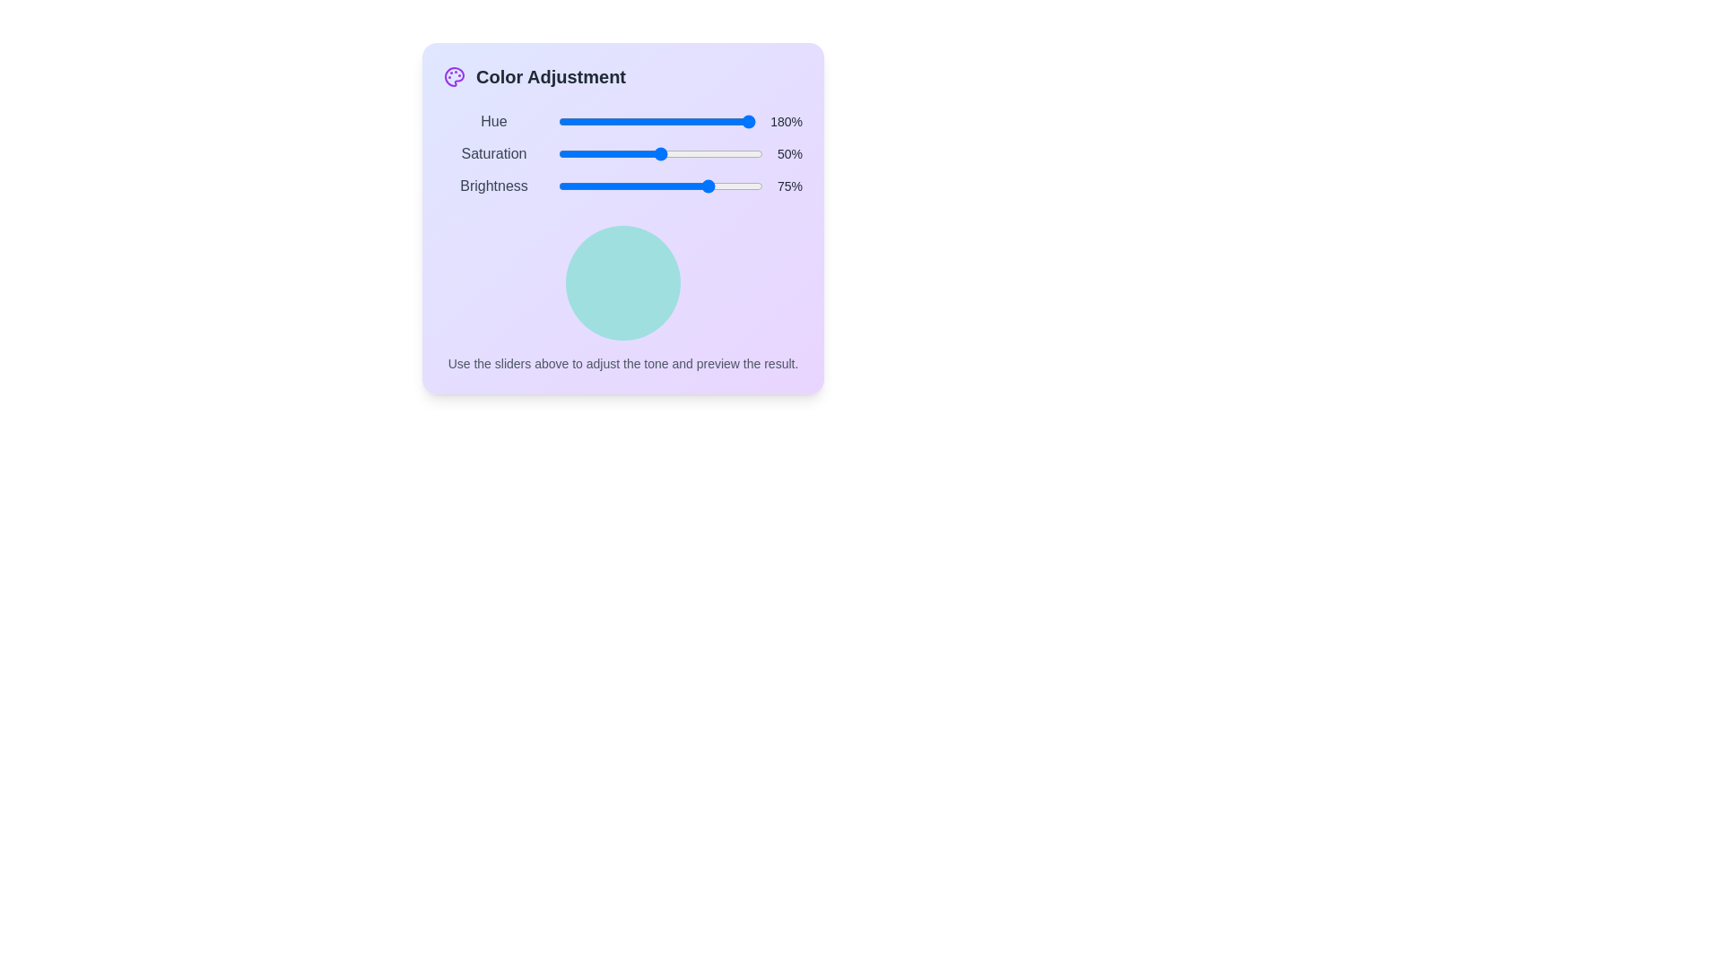 The height and width of the screenshot is (968, 1722). What do you see at coordinates (578, 121) in the screenshot?
I see `the 0 slider to 10% to observe the resulting color in the preview circle` at bounding box center [578, 121].